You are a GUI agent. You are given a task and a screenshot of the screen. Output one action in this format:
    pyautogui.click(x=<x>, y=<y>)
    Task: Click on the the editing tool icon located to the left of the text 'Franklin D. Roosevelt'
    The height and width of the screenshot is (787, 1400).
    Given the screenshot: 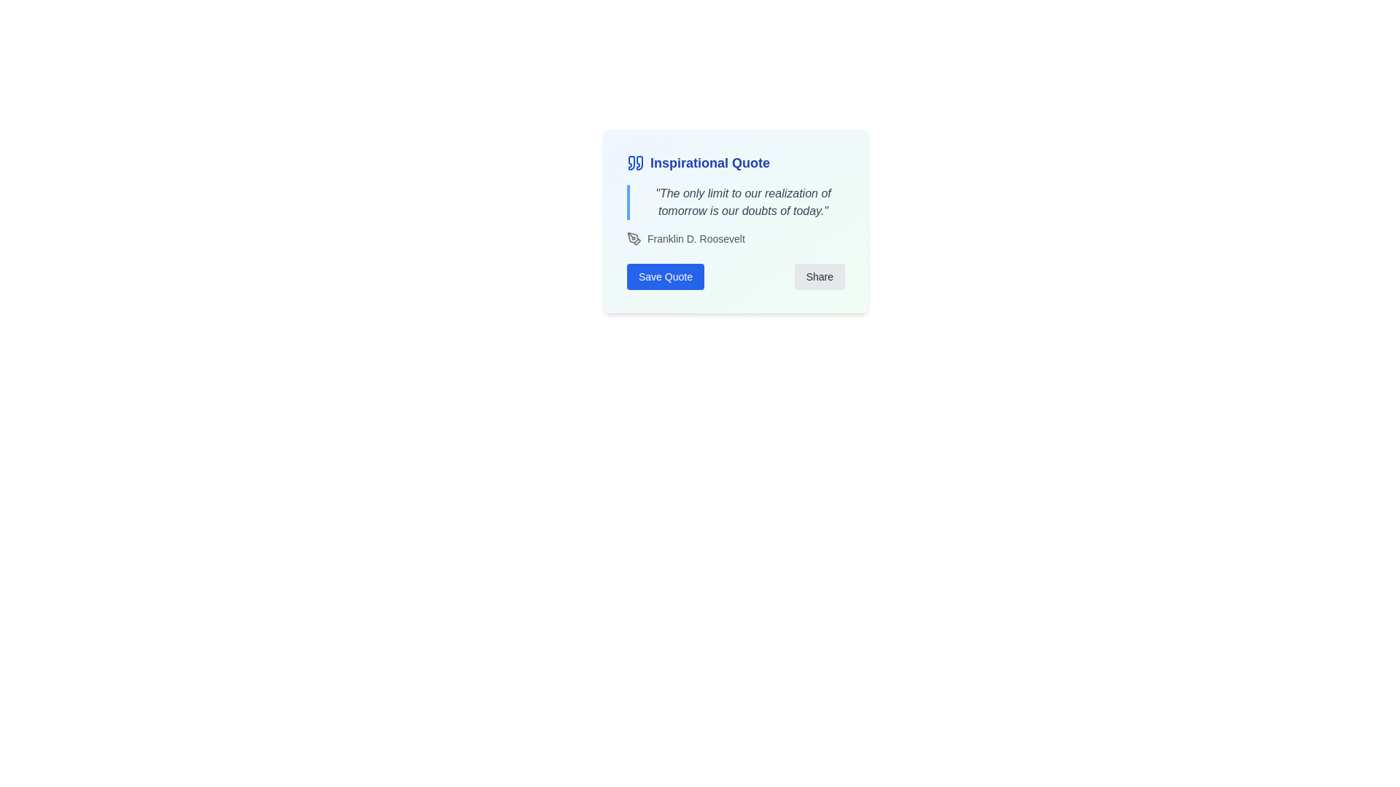 What is the action you would take?
    pyautogui.click(x=634, y=238)
    